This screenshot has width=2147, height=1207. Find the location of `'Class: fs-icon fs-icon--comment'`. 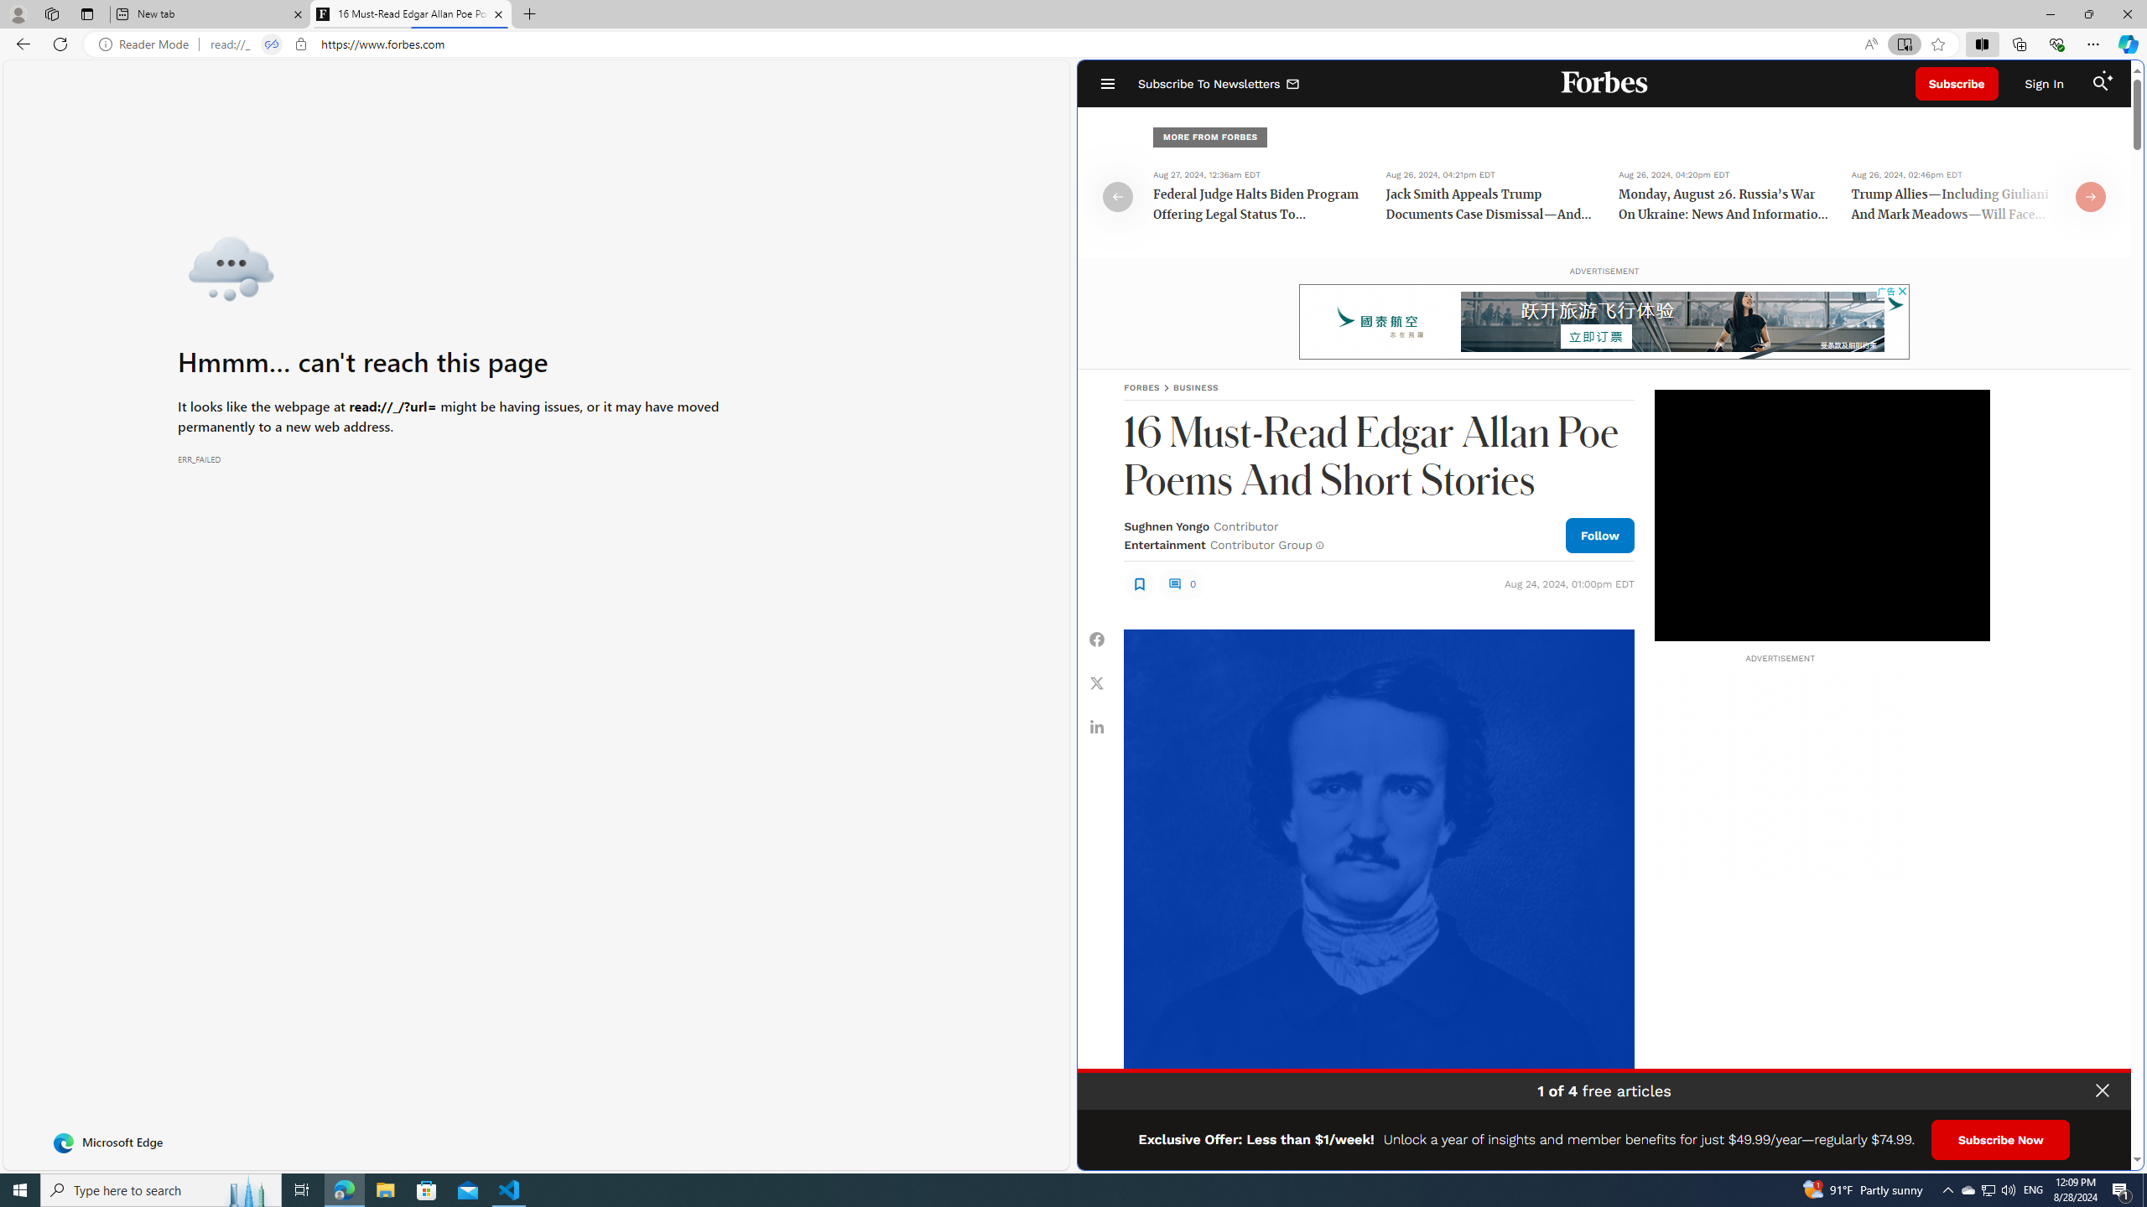

'Class: fs-icon fs-icon--comment' is located at coordinates (1173, 583).